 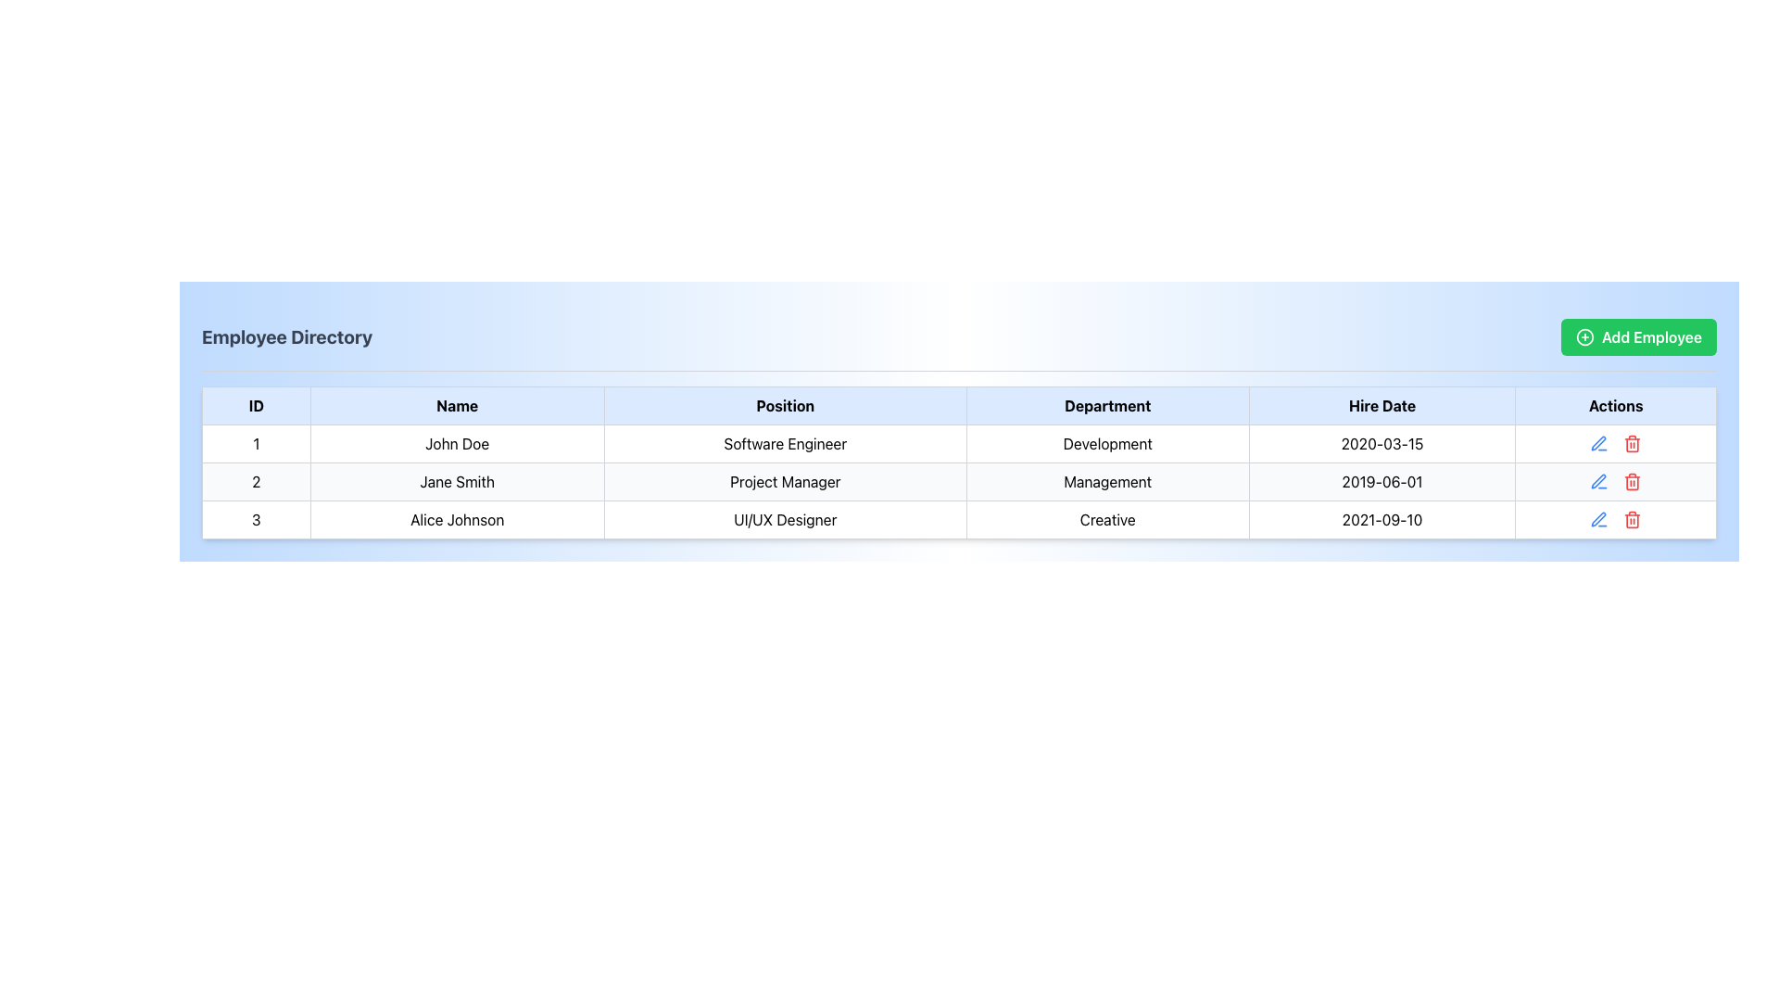 I want to click on the red trash can icon button located at the rightmost side of the 'Actions' column in the third row of the 'Employee Directory' table, so click(x=1633, y=443).